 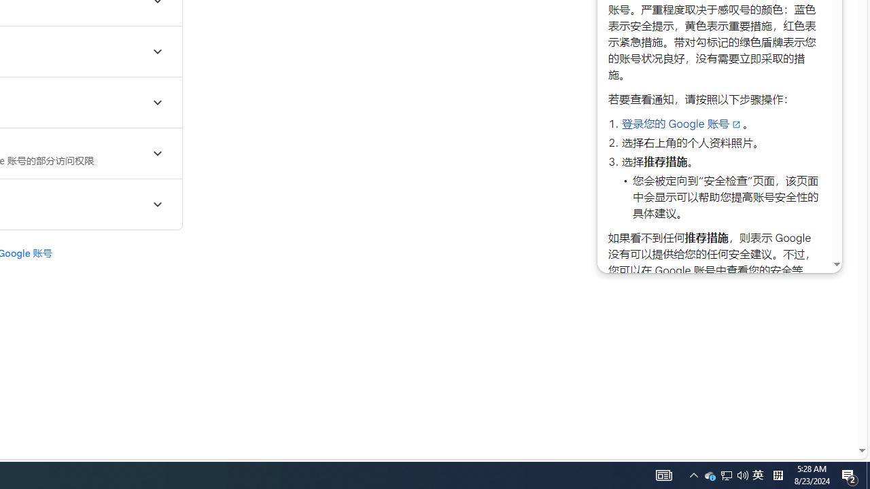 I want to click on 'User Promoted Notification Area', so click(x=726, y=474).